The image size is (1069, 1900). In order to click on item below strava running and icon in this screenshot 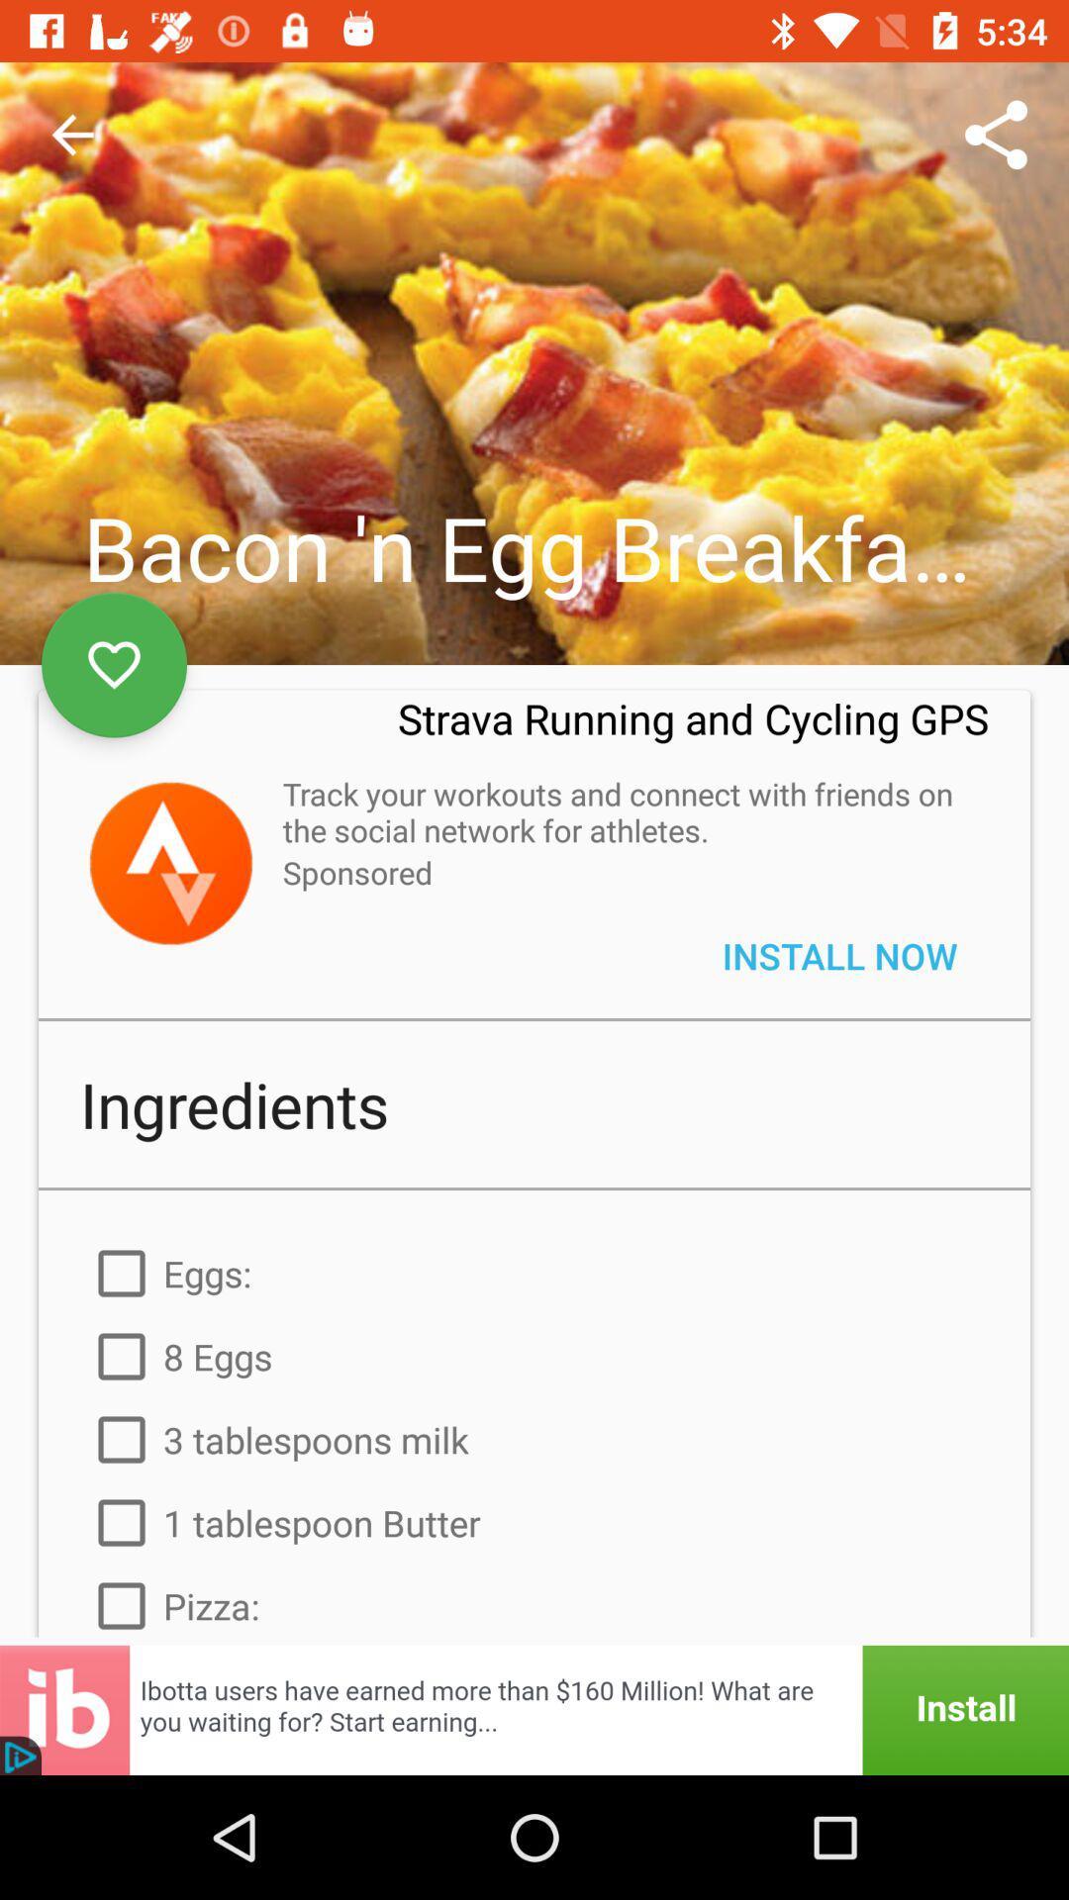, I will do `click(625, 811)`.